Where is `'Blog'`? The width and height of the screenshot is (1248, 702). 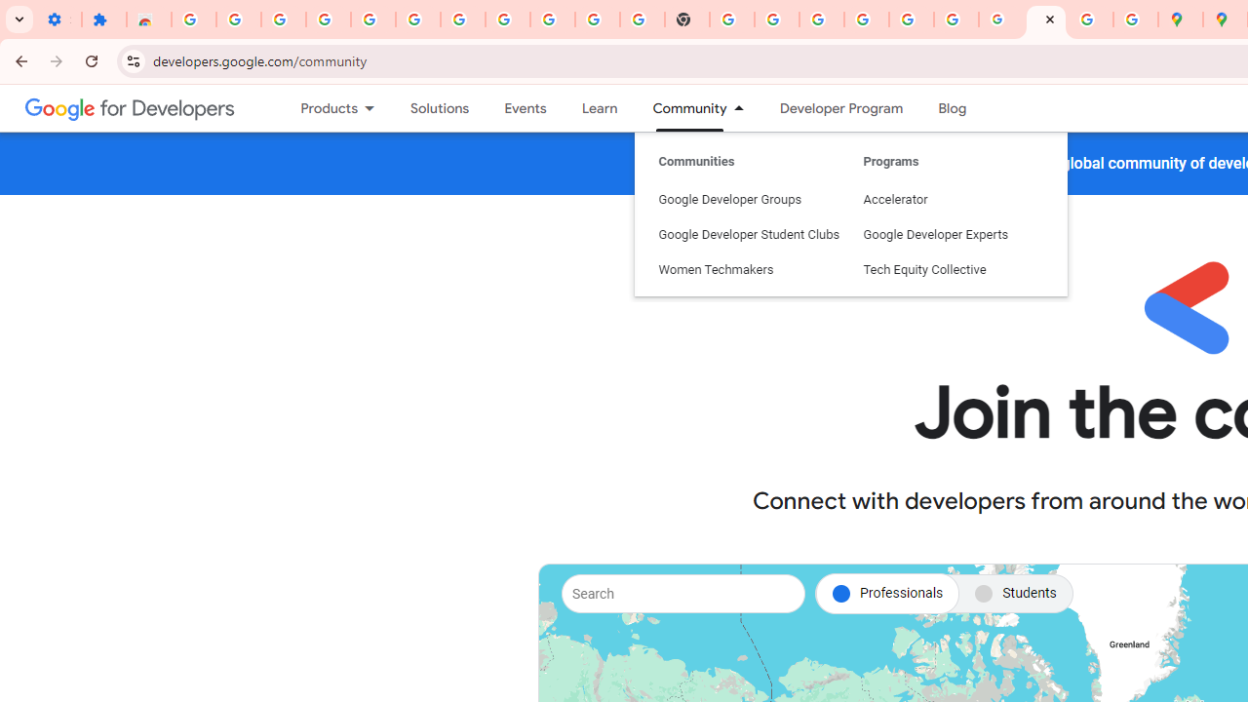
'Blog' is located at coordinates (953, 108).